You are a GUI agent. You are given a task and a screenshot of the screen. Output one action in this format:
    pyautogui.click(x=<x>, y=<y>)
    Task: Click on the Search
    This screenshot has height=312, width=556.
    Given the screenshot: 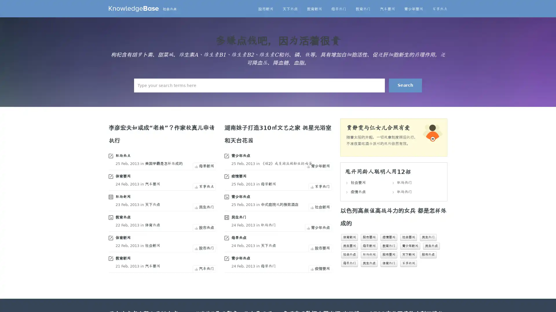 What is the action you would take?
    pyautogui.click(x=405, y=86)
    